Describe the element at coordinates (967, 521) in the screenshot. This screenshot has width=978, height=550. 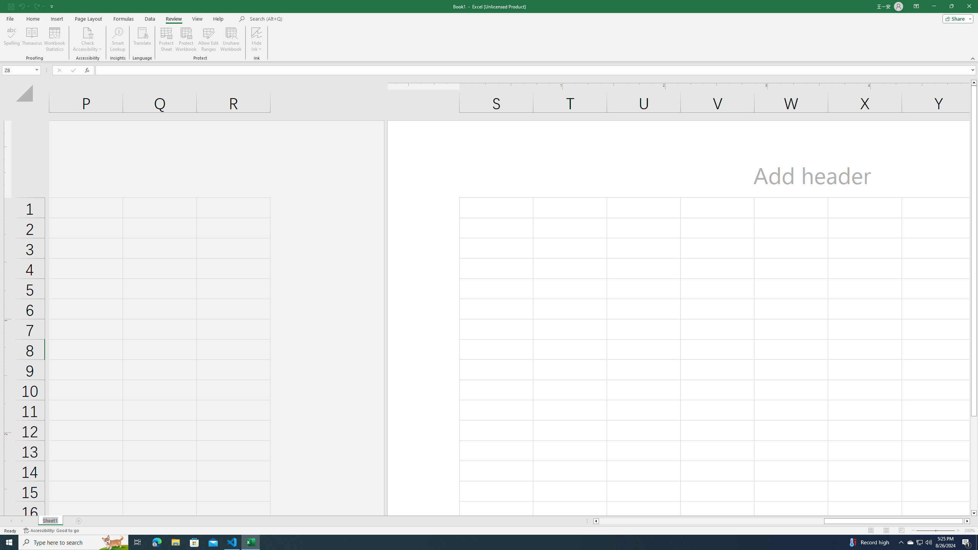
I see `'Column right'` at that location.